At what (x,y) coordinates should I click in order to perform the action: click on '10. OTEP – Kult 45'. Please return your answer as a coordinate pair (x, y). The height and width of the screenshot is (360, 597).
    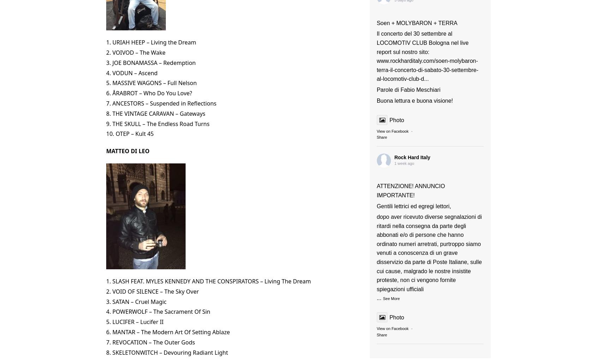
    Looking at the image, I should click on (130, 133).